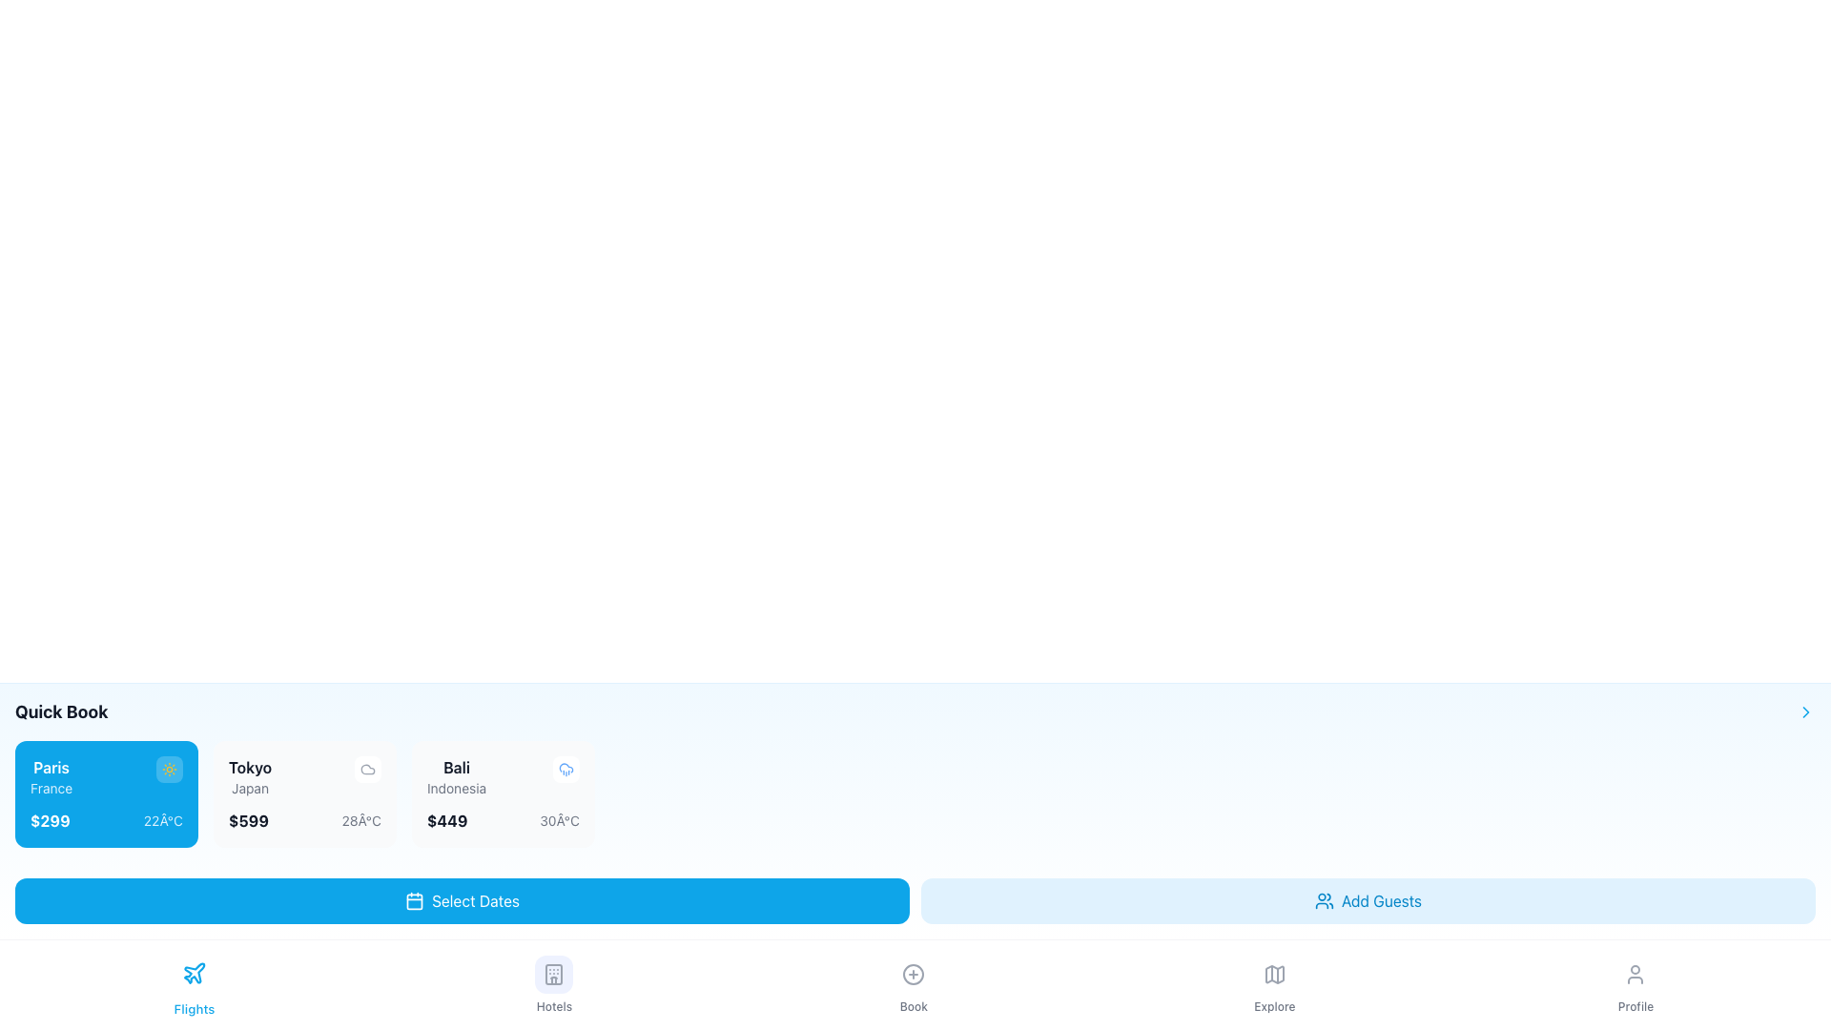  I want to click on the 'Tokyo' label, which is a bold text label positioned at the top of the city information card, so click(249, 767).